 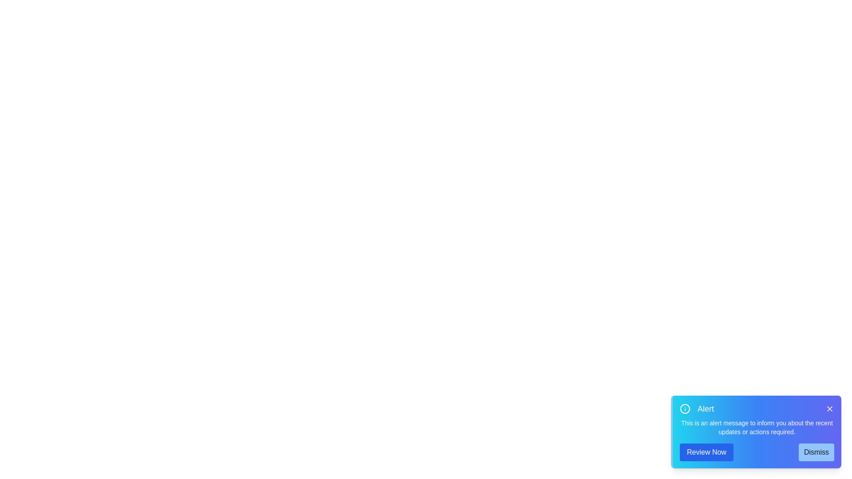 What do you see at coordinates (829, 408) in the screenshot?
I see `the close button to dismiss the alert` at bounding box center [829, 408].